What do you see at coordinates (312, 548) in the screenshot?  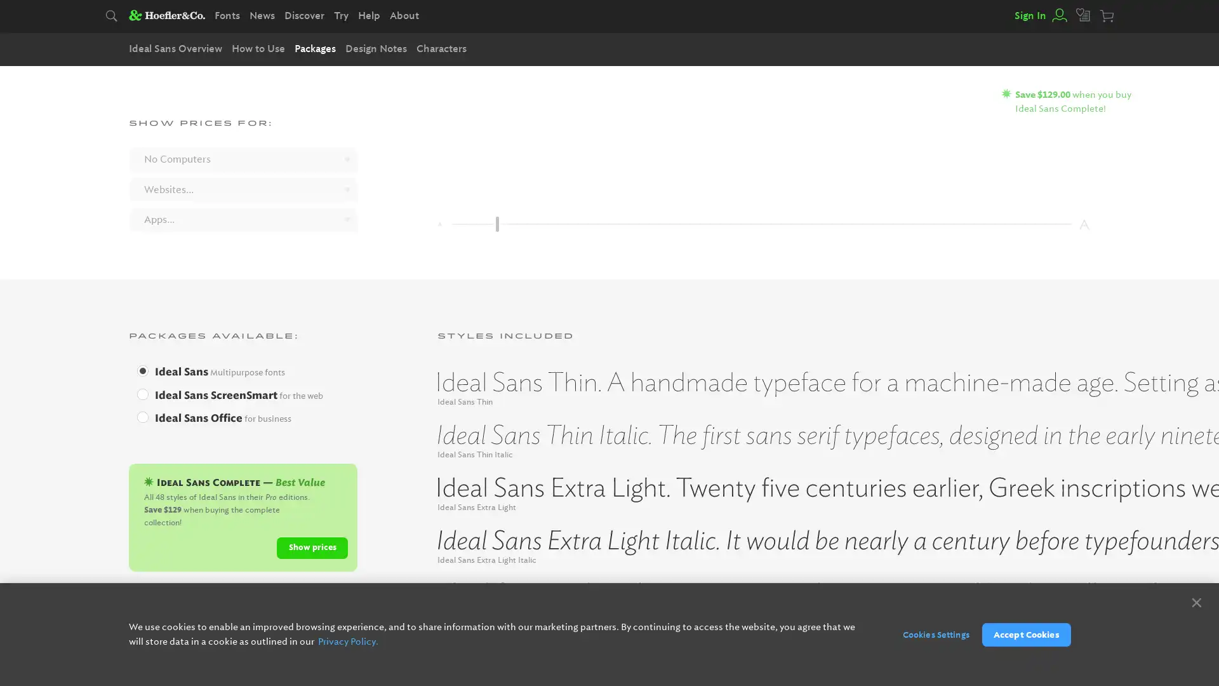 I see `Show prices` at bounding box center [312, 548].